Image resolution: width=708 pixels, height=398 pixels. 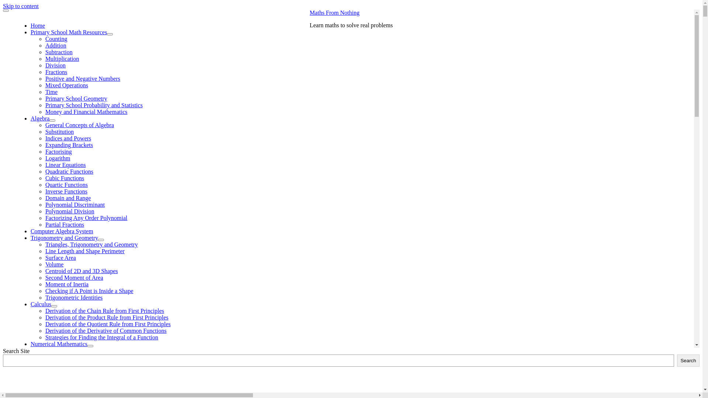 I want to click on 'Centroid of 2D and 3D Shapes', so click(x=81, y=271).